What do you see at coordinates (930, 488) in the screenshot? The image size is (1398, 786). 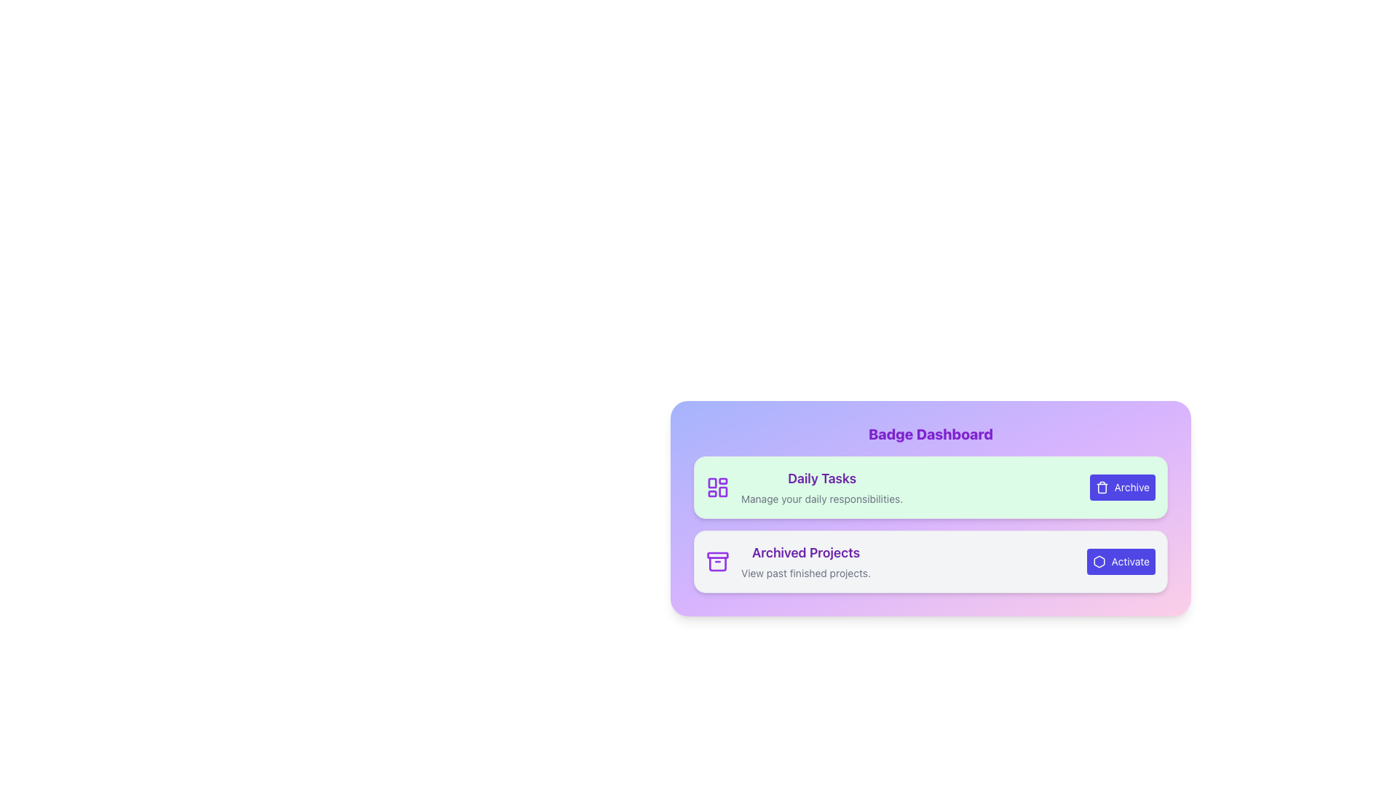 I see `displayed information from the first card in the 'Badge Dashboard', which contains the title 'Daily Tasks', subtitle 'Manage your daily responsibilities.', and an 'Archive' button` at bounding box center [930, 488].